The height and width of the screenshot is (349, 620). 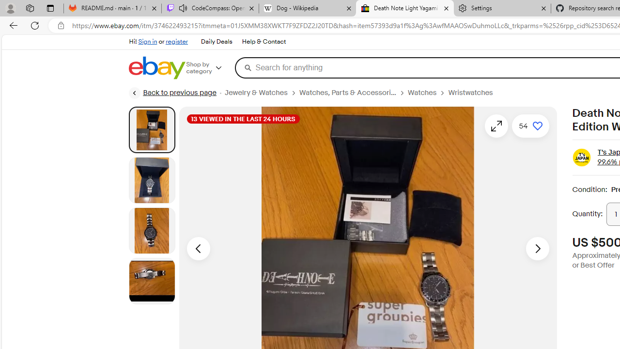 What do you see at coordinates (256, 93) in the screenshot?
I see `'Jewelry & Watches'` at bounding box center [256, 93].